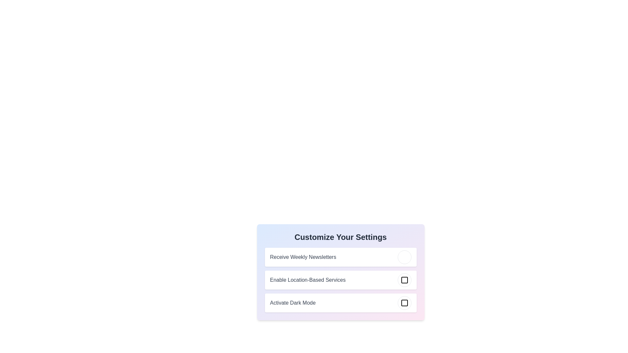  I want to click on the first Toggleable setting item for subscribing to weekly newsletters, so click(340, 257).